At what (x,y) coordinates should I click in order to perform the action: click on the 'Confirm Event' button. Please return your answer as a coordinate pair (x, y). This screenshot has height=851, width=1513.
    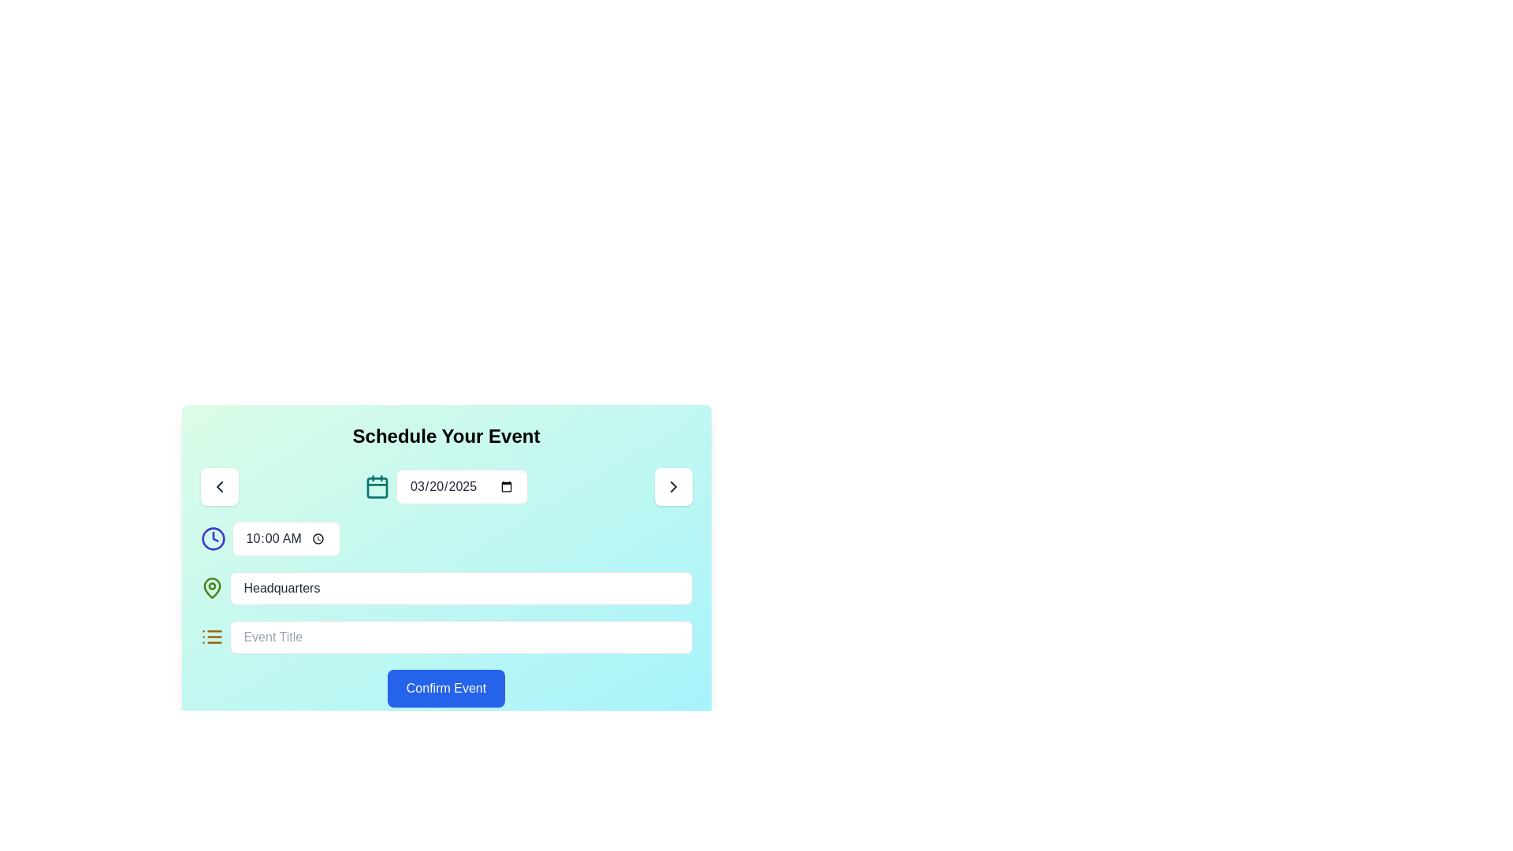
    Looking at the image, I should click on (445, 688).